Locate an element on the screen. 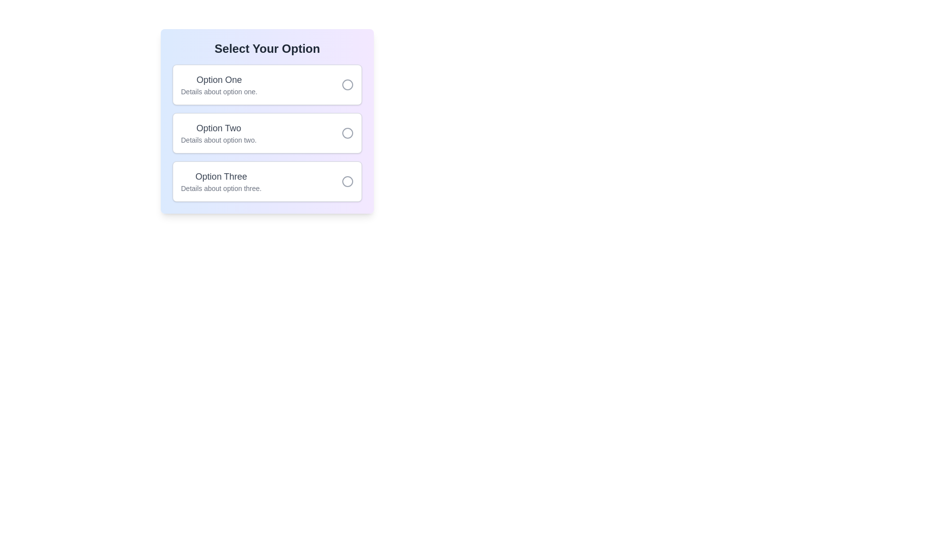 The width and height of the screenshot is (947, 533). the option 2 by clicking on it is located at coordinates (267, 133).